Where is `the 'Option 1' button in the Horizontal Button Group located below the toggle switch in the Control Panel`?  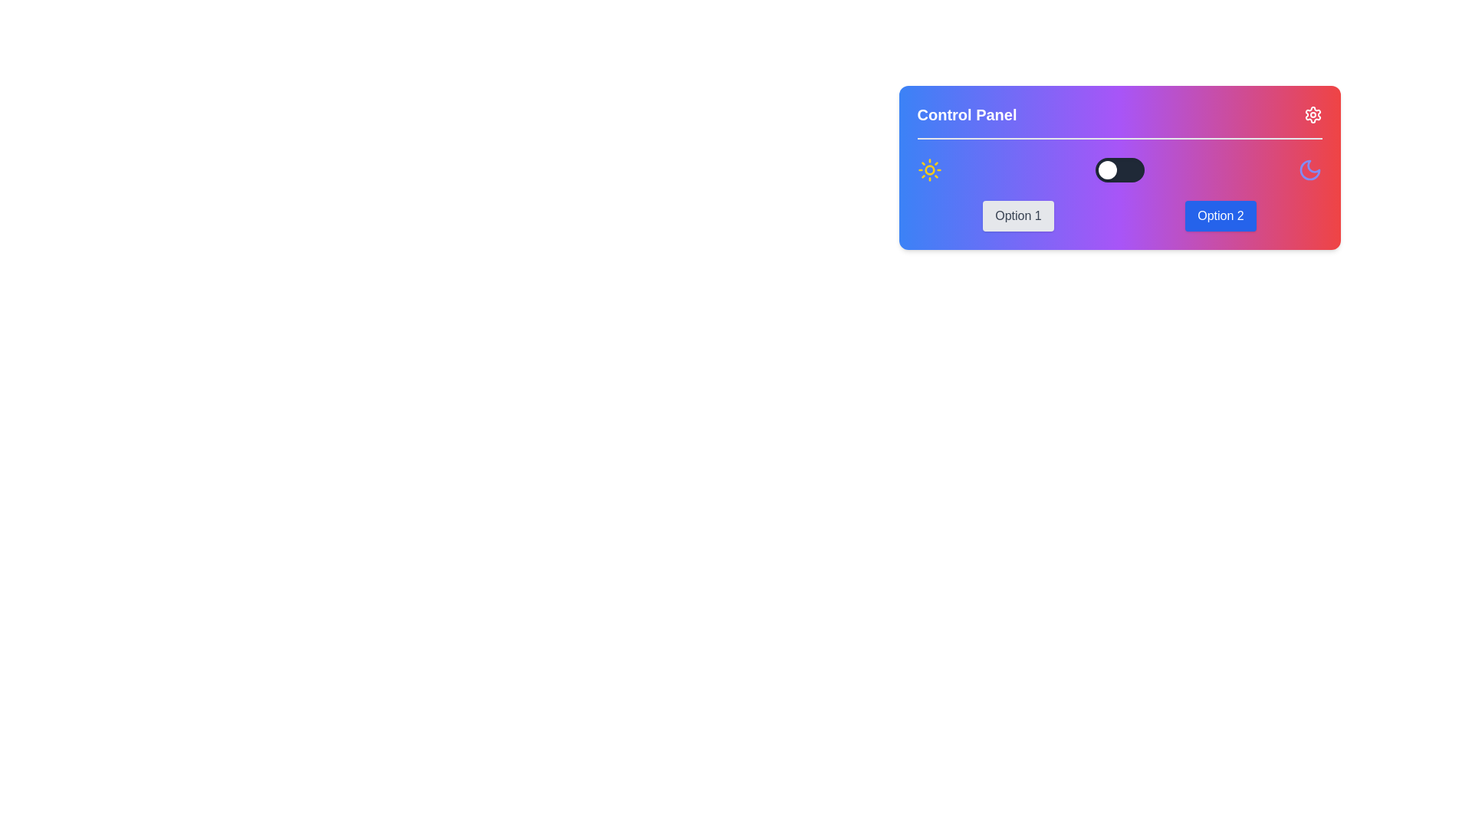
the 'Option 1' button in the Horizontal Button Group located below the toggle switch in the Control Panel is located at coordinates (1119, 215).